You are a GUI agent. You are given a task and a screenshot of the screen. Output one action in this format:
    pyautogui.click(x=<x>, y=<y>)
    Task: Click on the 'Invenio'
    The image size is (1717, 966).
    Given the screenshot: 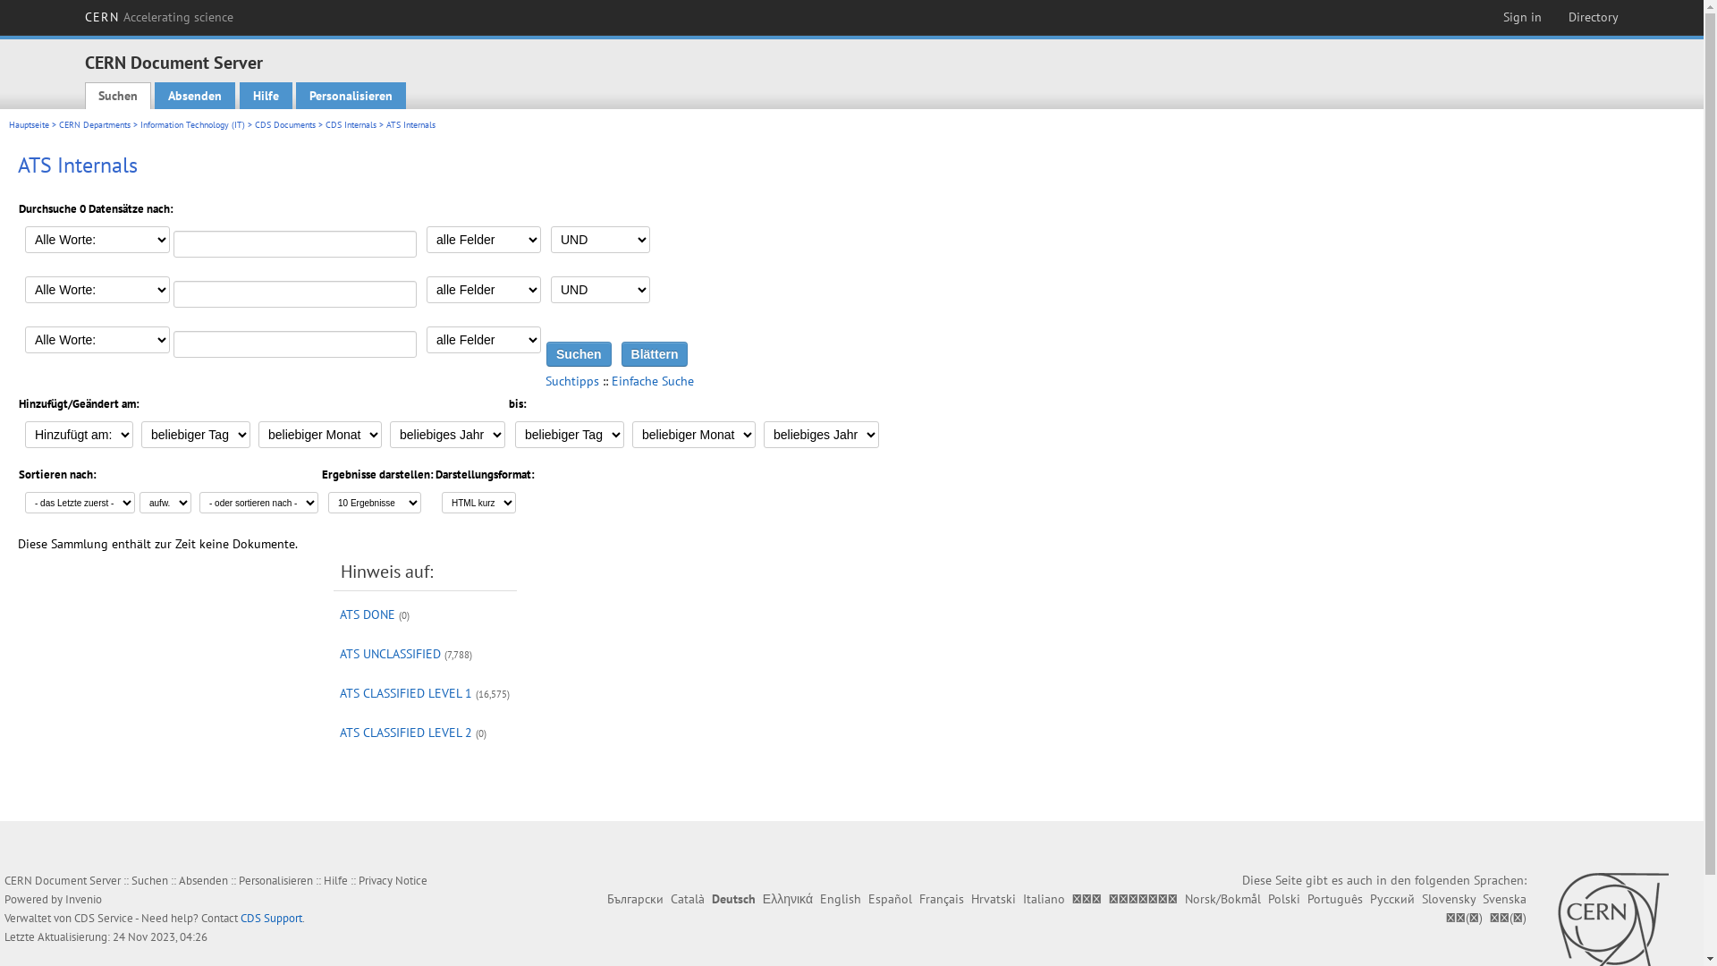 What is the action you would take?
    pyautogui.click(x=82, y=899)
    